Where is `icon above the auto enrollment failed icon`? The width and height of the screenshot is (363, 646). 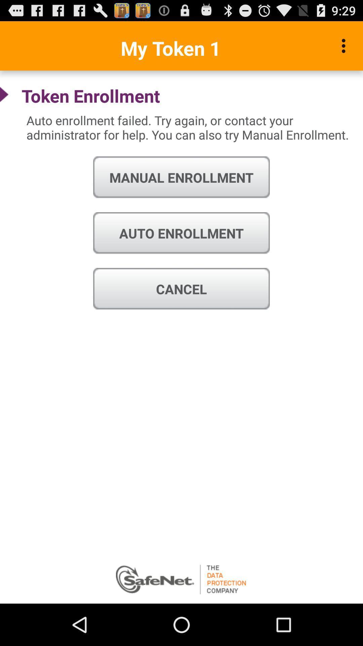 icon above the auto enrollment failed icon is located at coordinates (345, 45).